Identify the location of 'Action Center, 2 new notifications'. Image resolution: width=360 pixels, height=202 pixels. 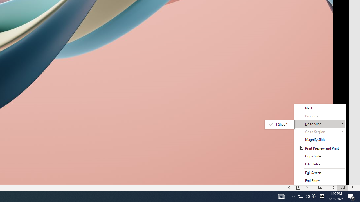
(352, 196).